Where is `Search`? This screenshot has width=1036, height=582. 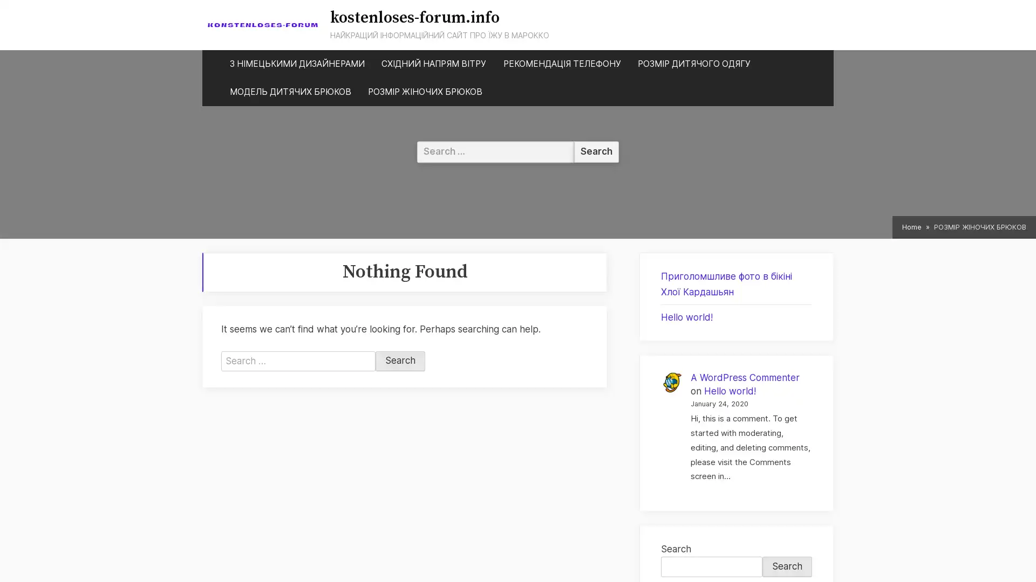
Search is located at coordinates (400, 361).